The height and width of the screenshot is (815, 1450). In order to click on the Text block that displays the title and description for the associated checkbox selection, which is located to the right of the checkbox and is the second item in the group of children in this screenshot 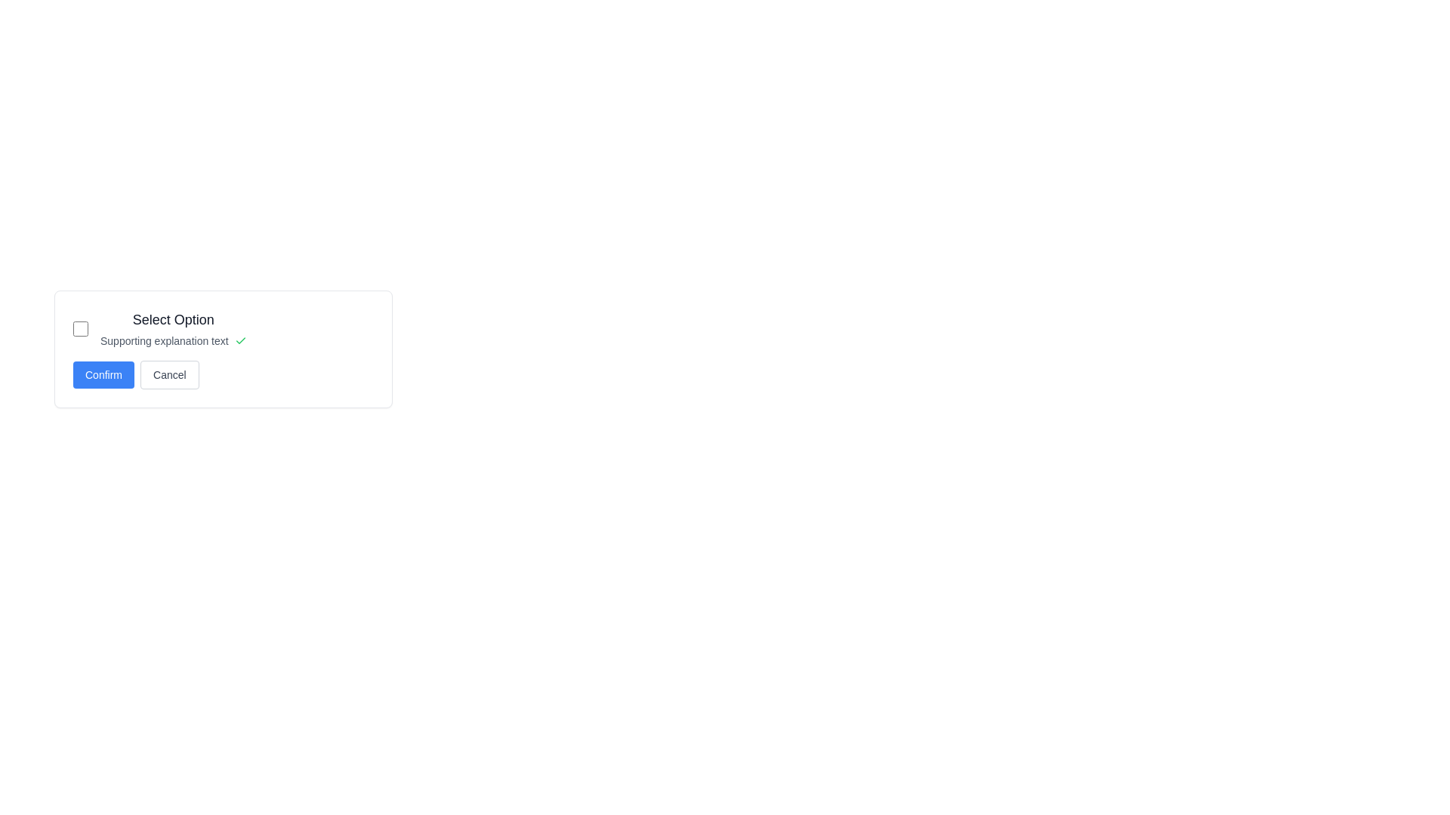, I will do `click(173, 328)`.